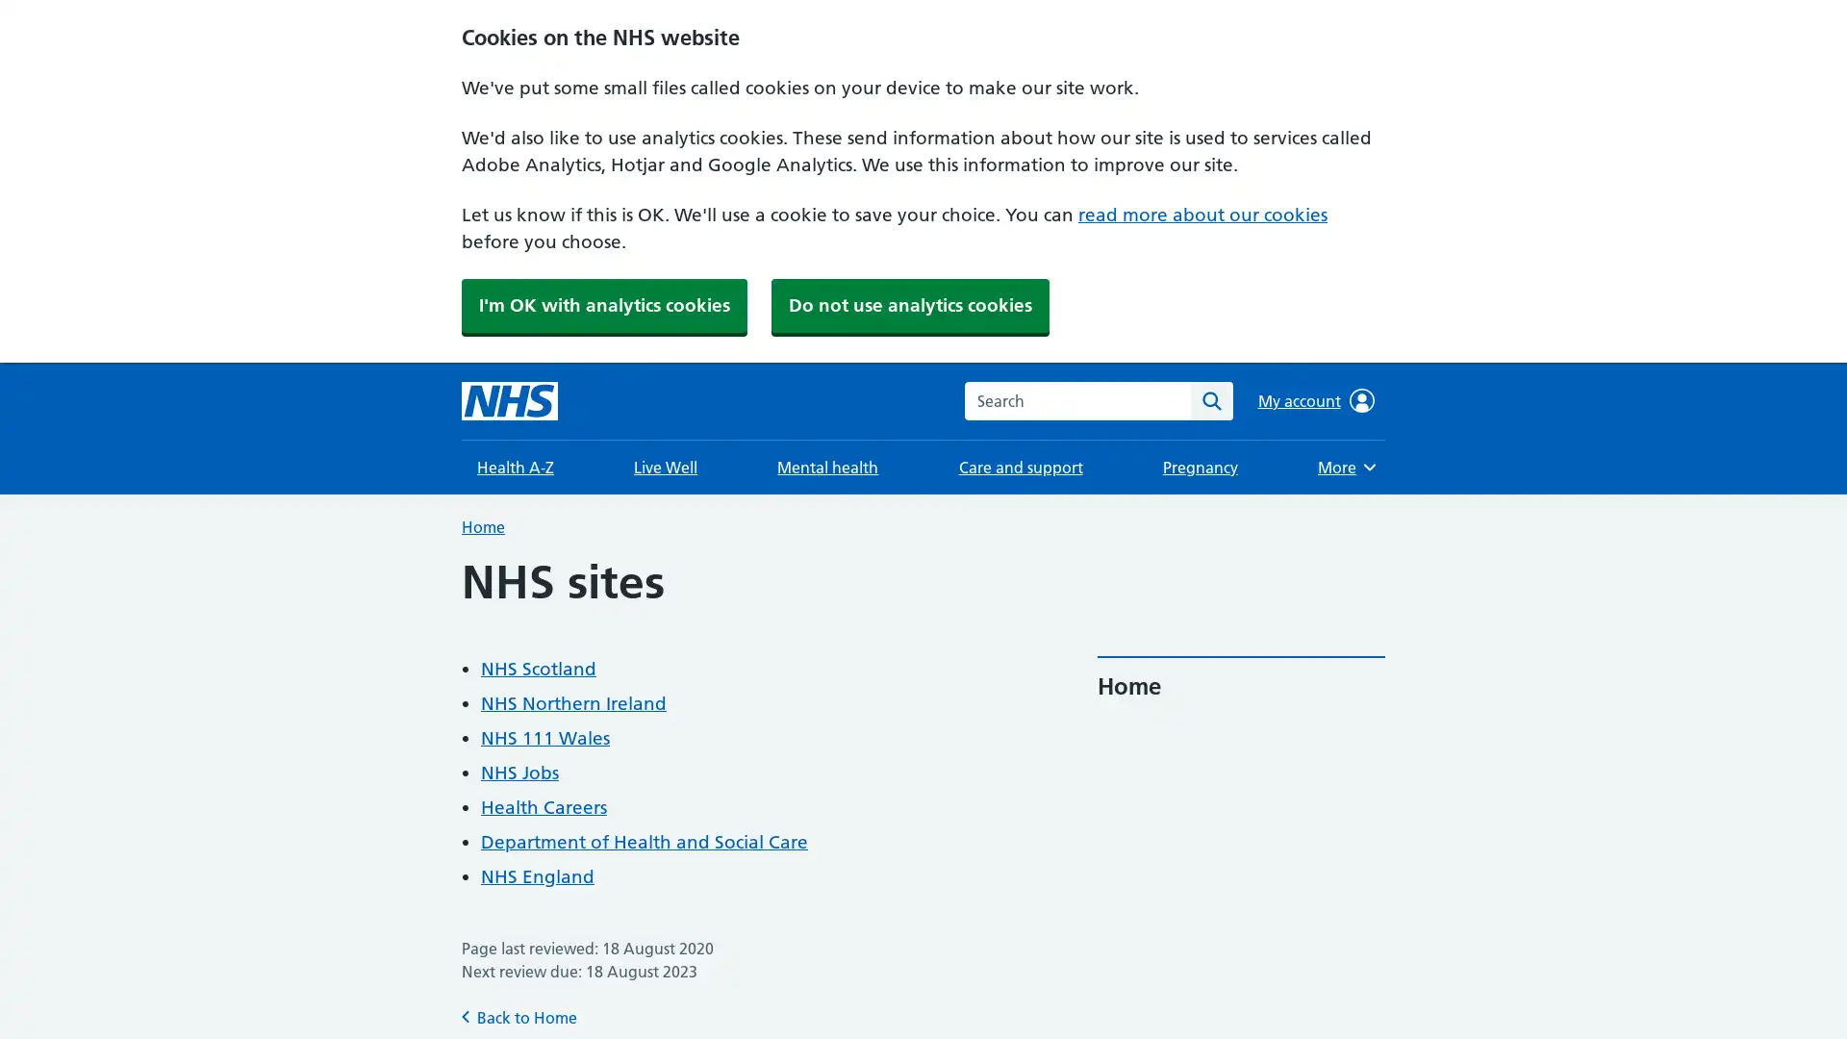 This screenshot has width=1847, height=1039. Describe the element at coordinates (909, 304) in the screenshot. I see `Do not use analytics cookies` at that location.